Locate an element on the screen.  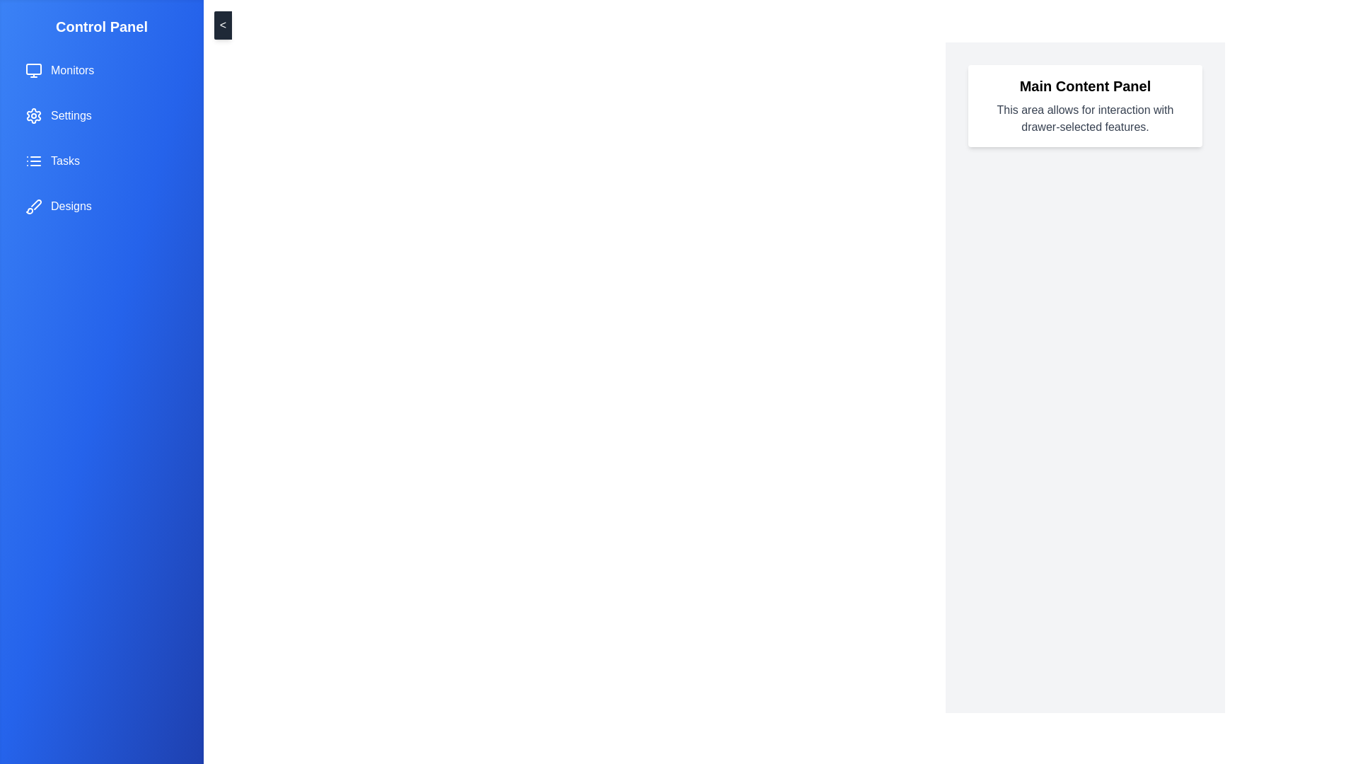
the main content panel to focus on it is located at coordinates (1084, 424).